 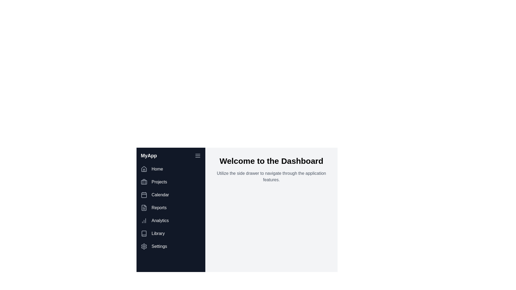 What do you see at coordinates (170, 208) in the screenshot?
I see `the menu item corresponding to Reports to navigate to that section` at bounding box center [170, 208].